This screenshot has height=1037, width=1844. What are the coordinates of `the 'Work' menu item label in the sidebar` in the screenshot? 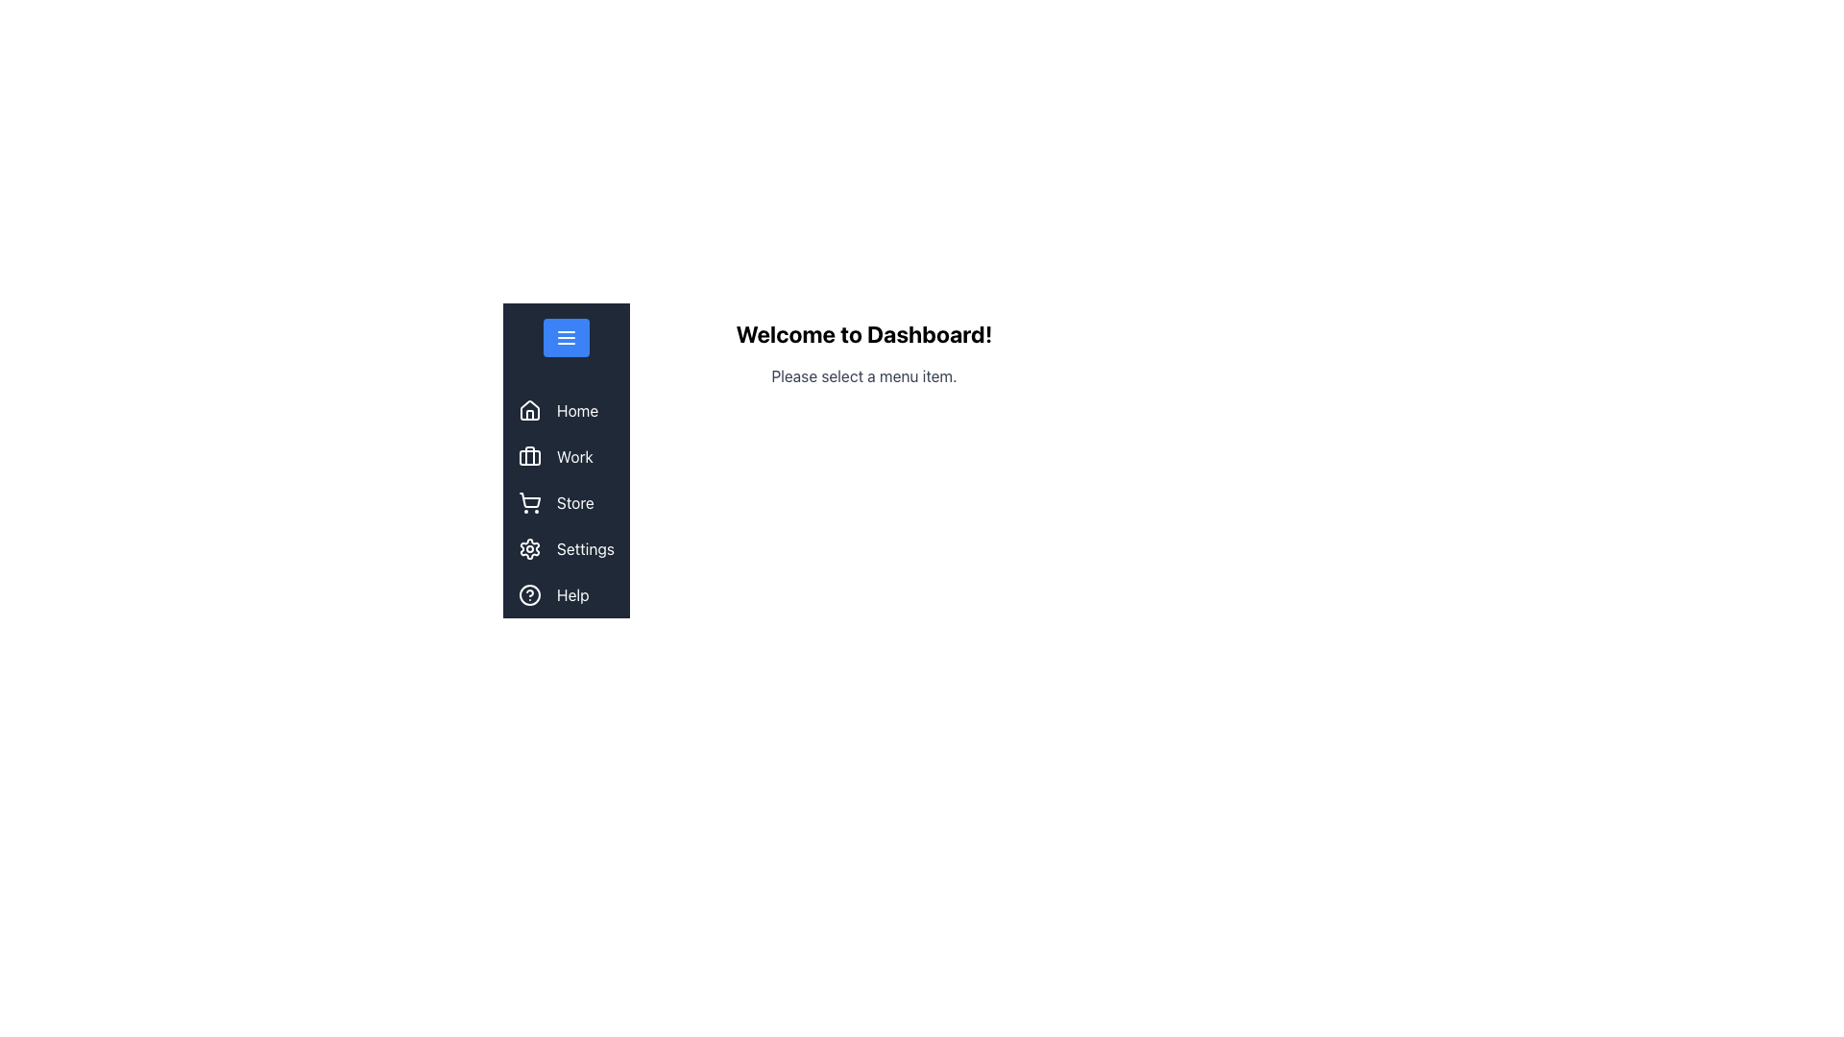 It's located at (573, 456).